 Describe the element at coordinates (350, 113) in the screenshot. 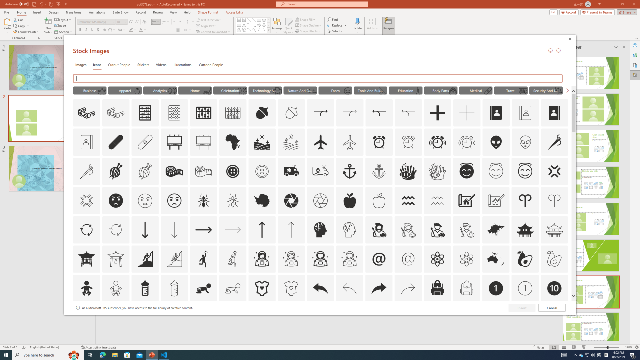

I see `'AutomationID: Icons_Acquisition_LTR_M'` at that location.